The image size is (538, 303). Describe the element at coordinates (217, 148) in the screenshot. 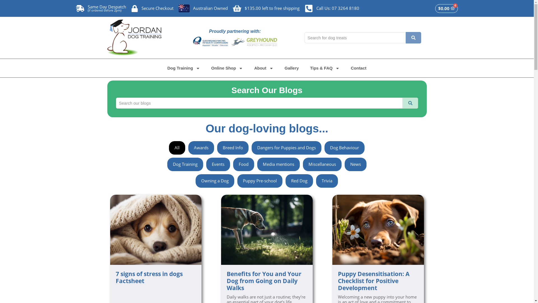

I see `'Breed Info'` at that location.